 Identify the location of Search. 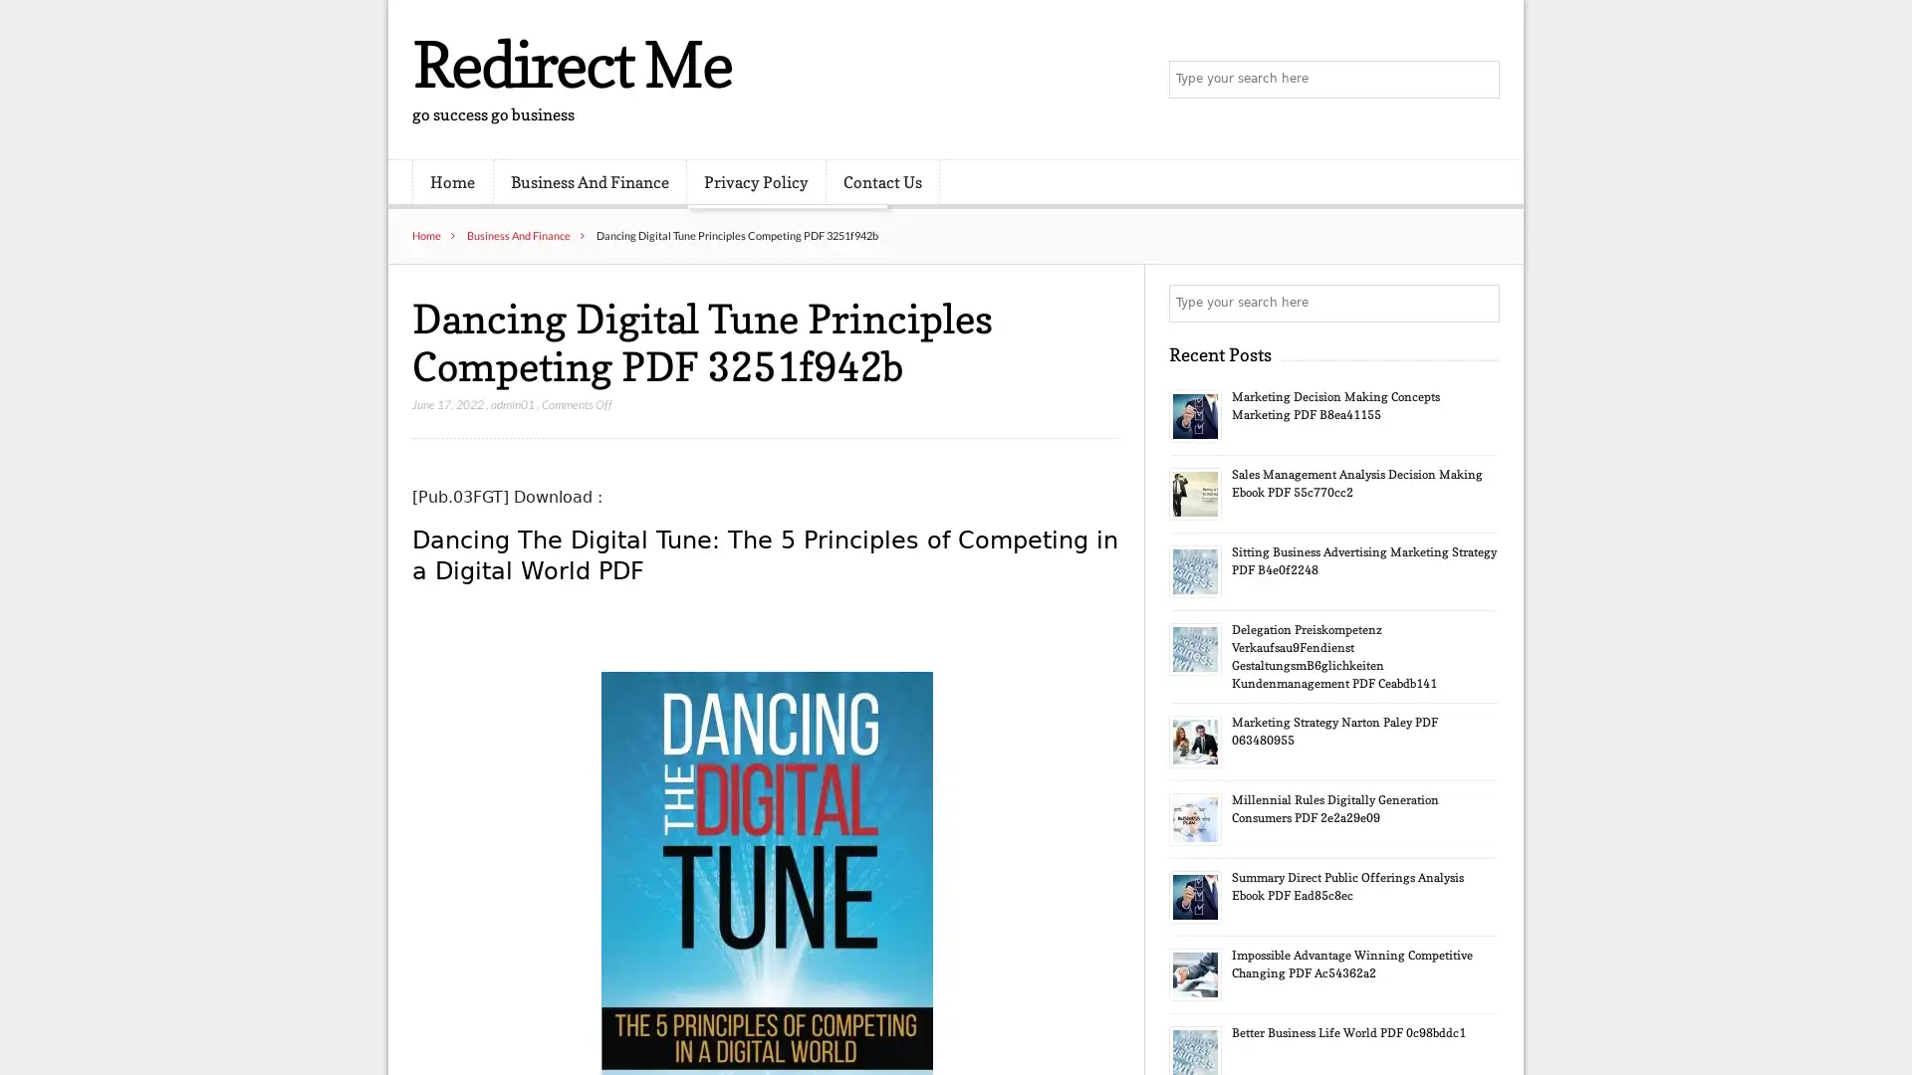
(1479, 303).